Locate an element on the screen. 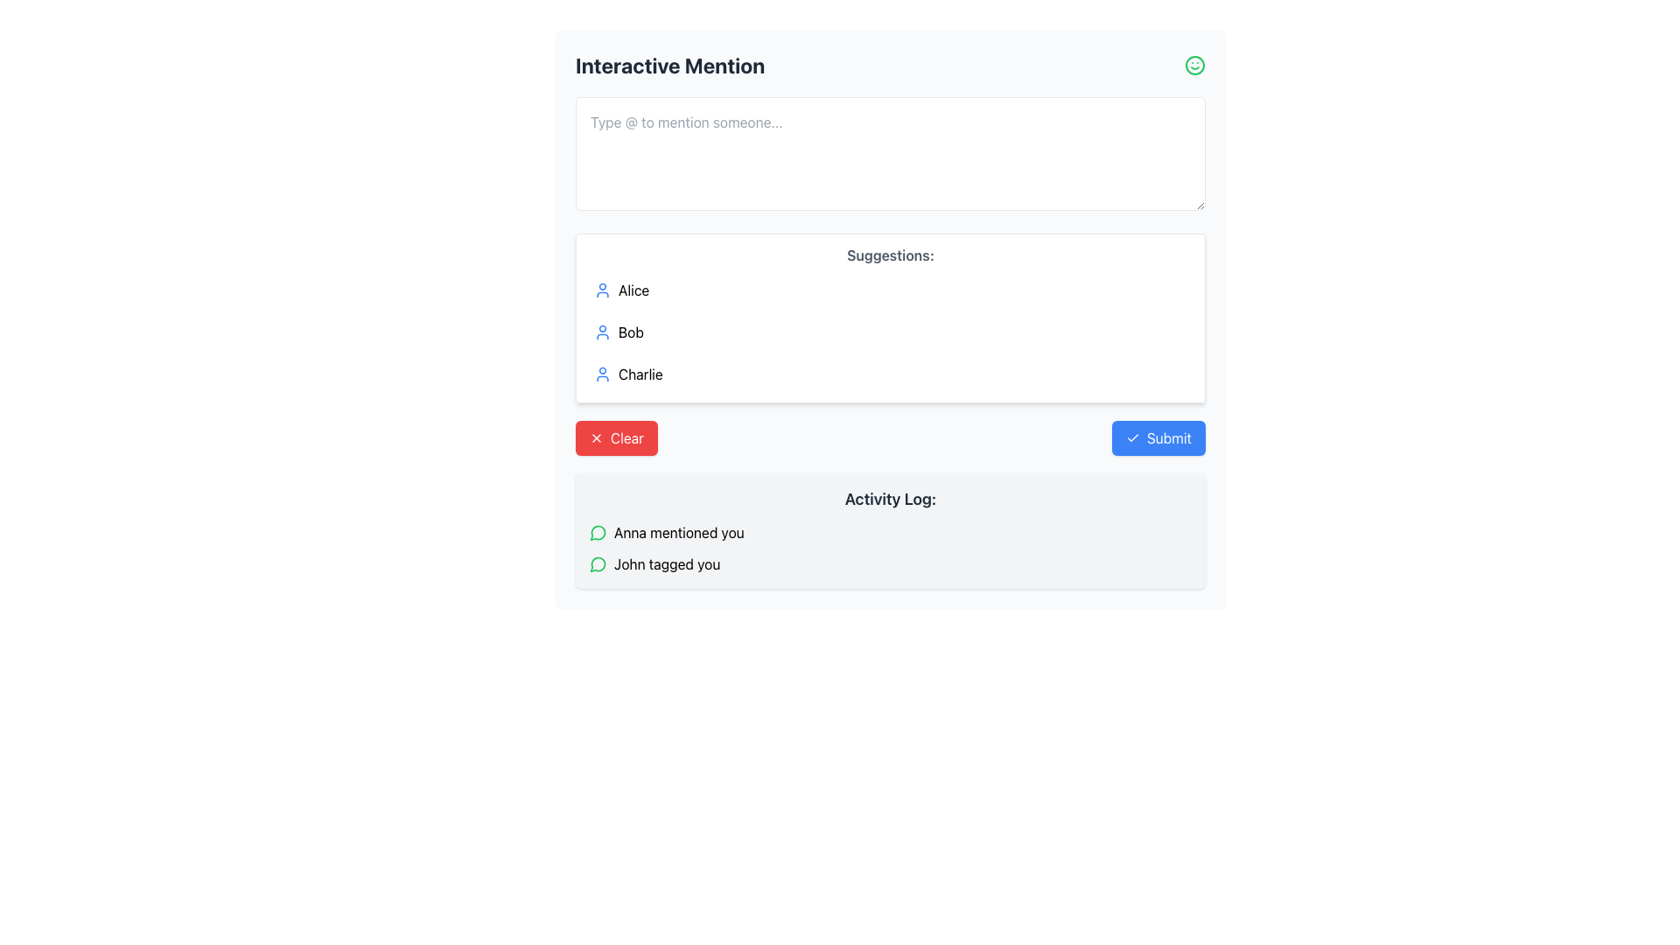  the user profile icon located to the left of the username 'Bob' in the suggestions box is located at coordinates (603, 332).